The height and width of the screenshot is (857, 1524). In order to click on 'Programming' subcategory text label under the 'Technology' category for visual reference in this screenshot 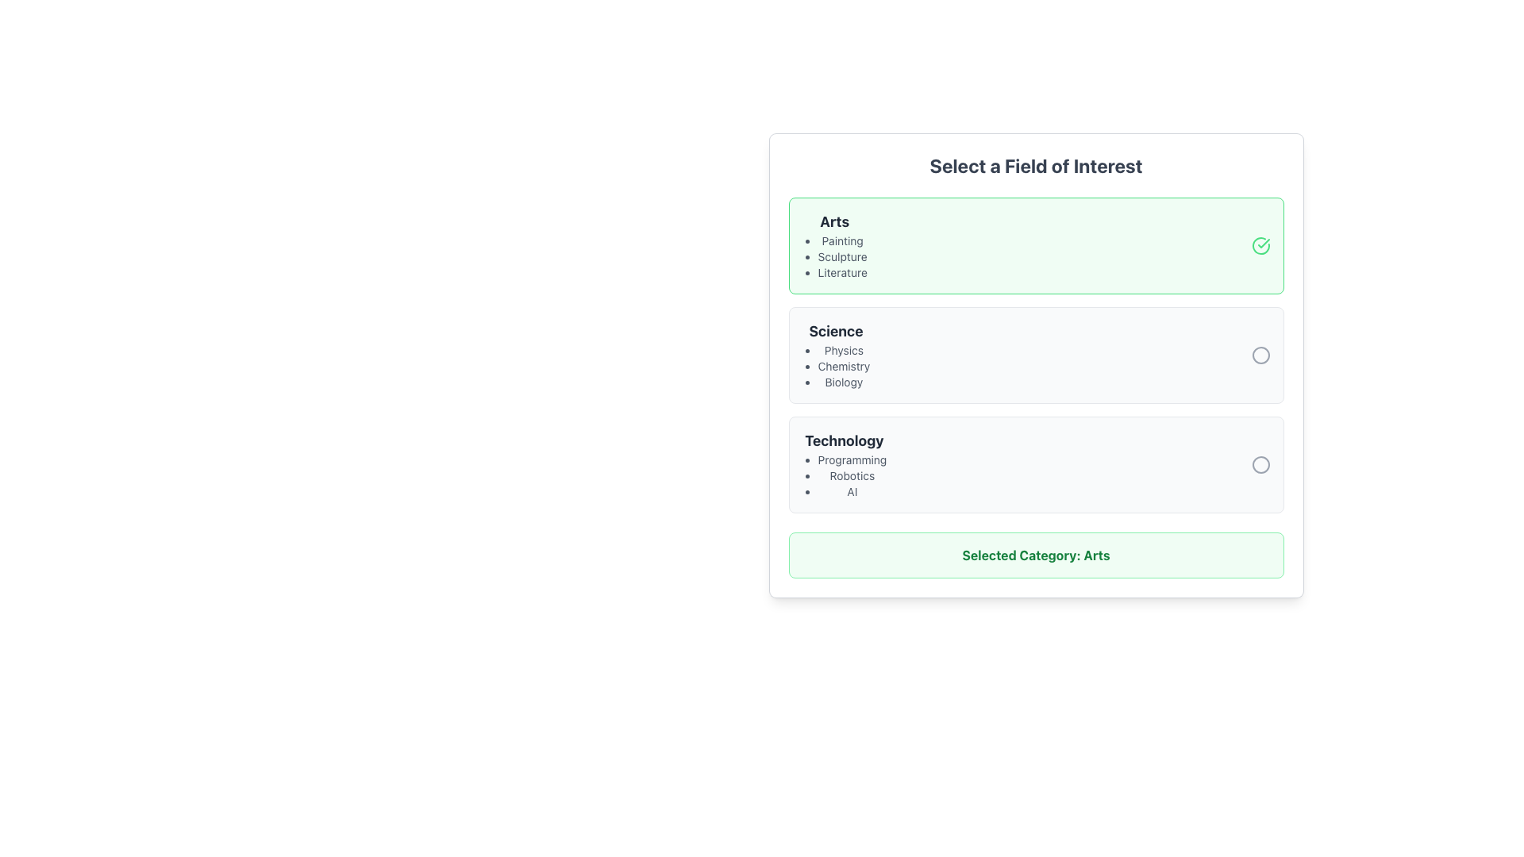, I will do `click(851, 459)`.